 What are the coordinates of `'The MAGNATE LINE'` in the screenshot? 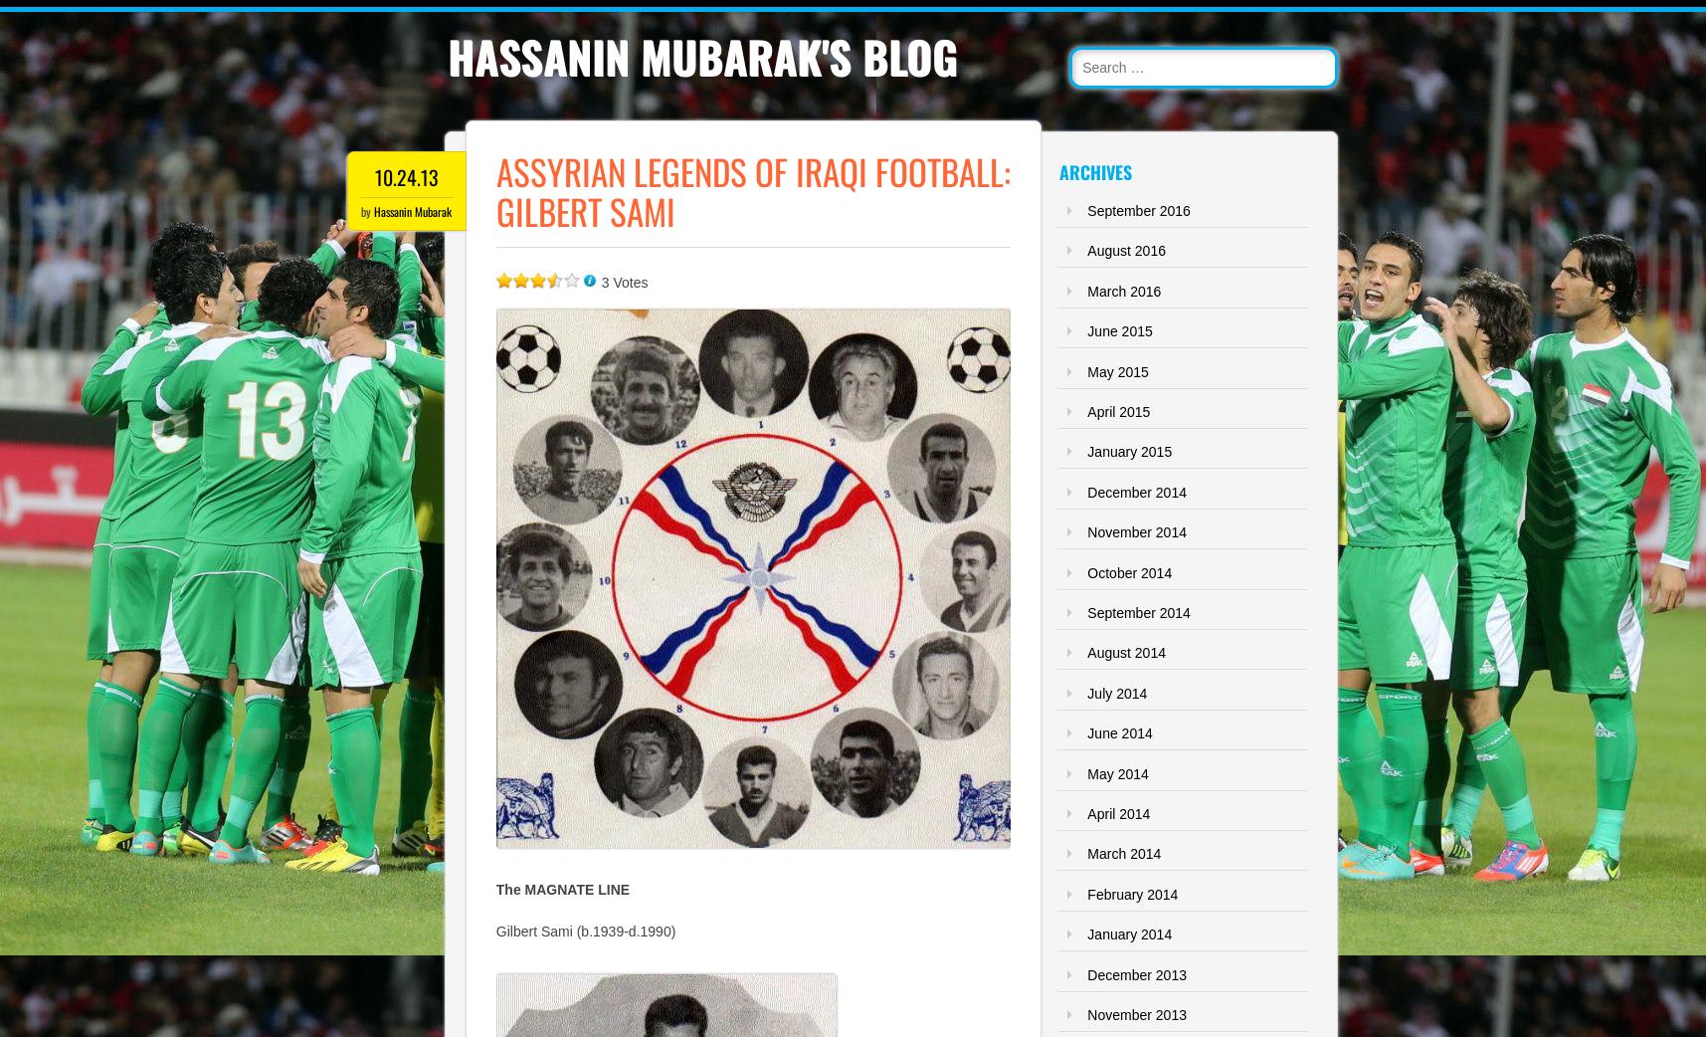 It's located at (561, 889).